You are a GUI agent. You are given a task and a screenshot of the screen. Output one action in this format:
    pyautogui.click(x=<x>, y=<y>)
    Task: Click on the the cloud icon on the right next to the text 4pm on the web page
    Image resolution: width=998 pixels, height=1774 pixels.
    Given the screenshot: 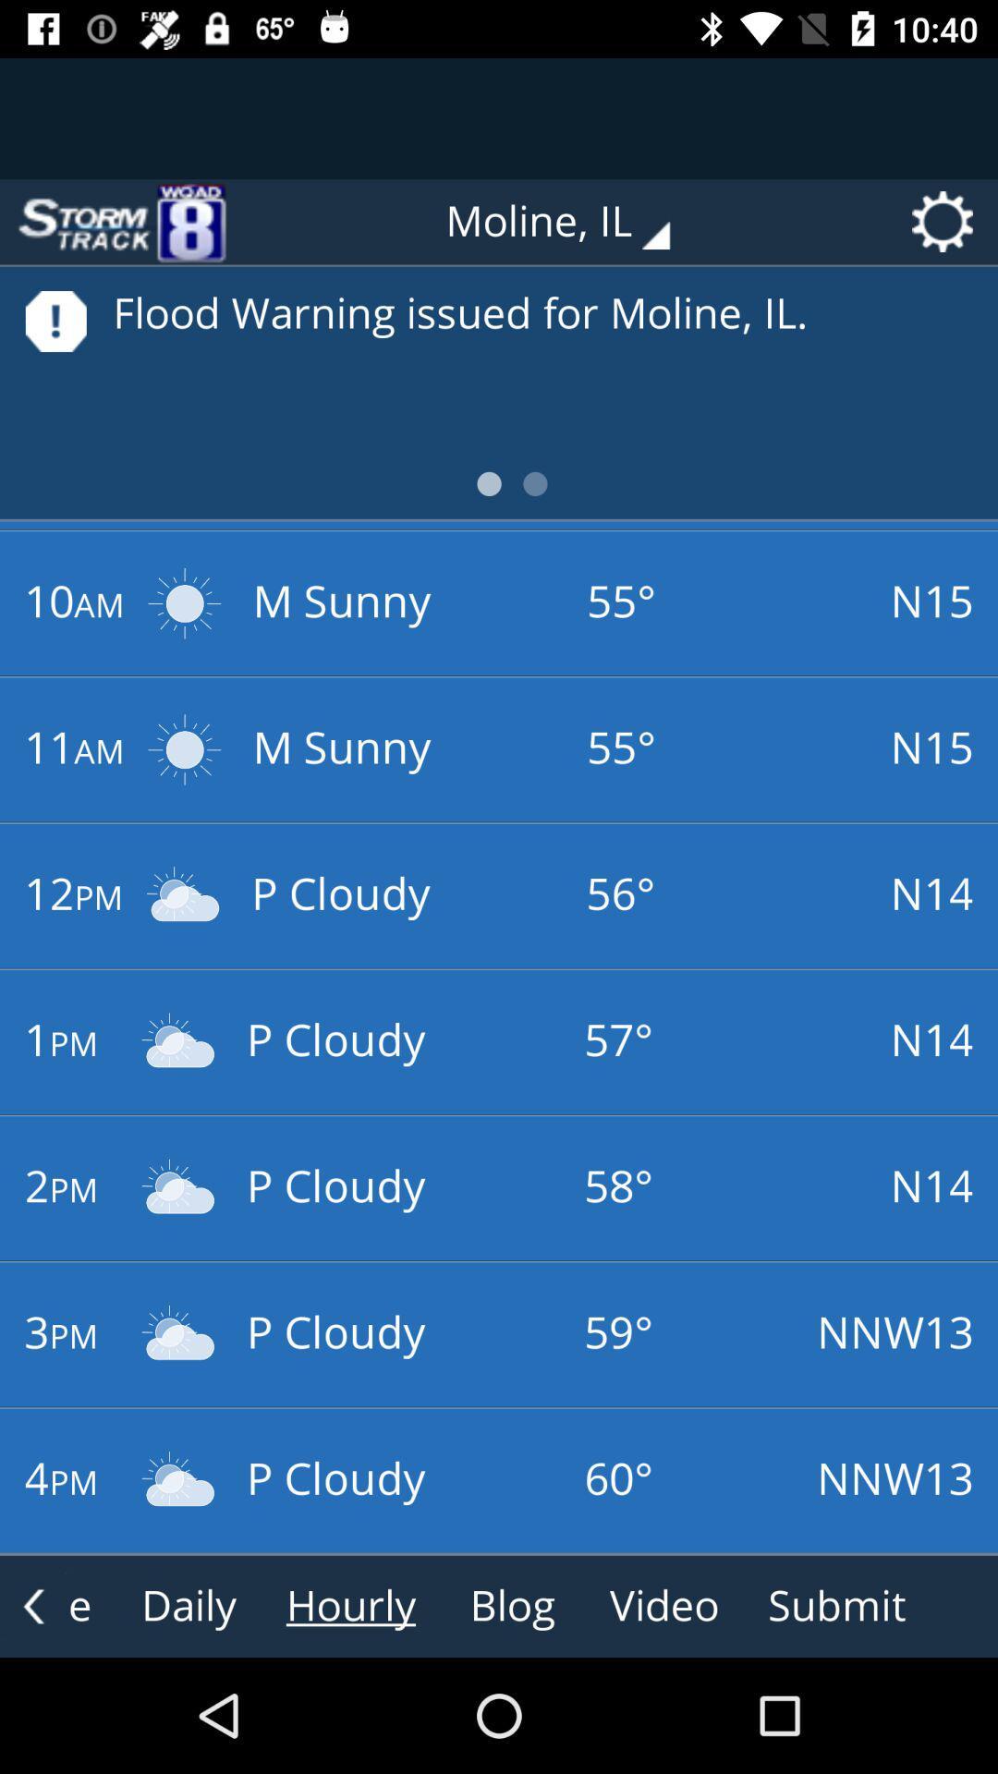 What is the action you would take?
    pyautogui.click(x=178, y=1480)
    